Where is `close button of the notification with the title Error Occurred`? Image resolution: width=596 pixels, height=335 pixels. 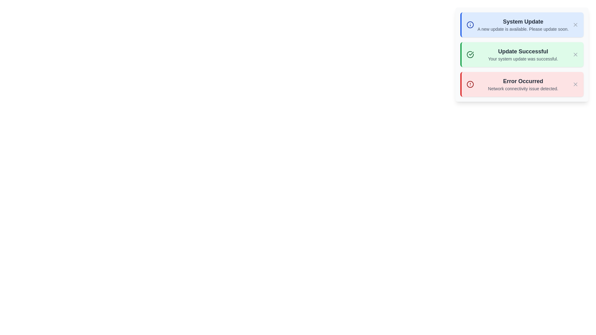 close button of the notification with the title Error Occurred is located at coordinates (575, 84).